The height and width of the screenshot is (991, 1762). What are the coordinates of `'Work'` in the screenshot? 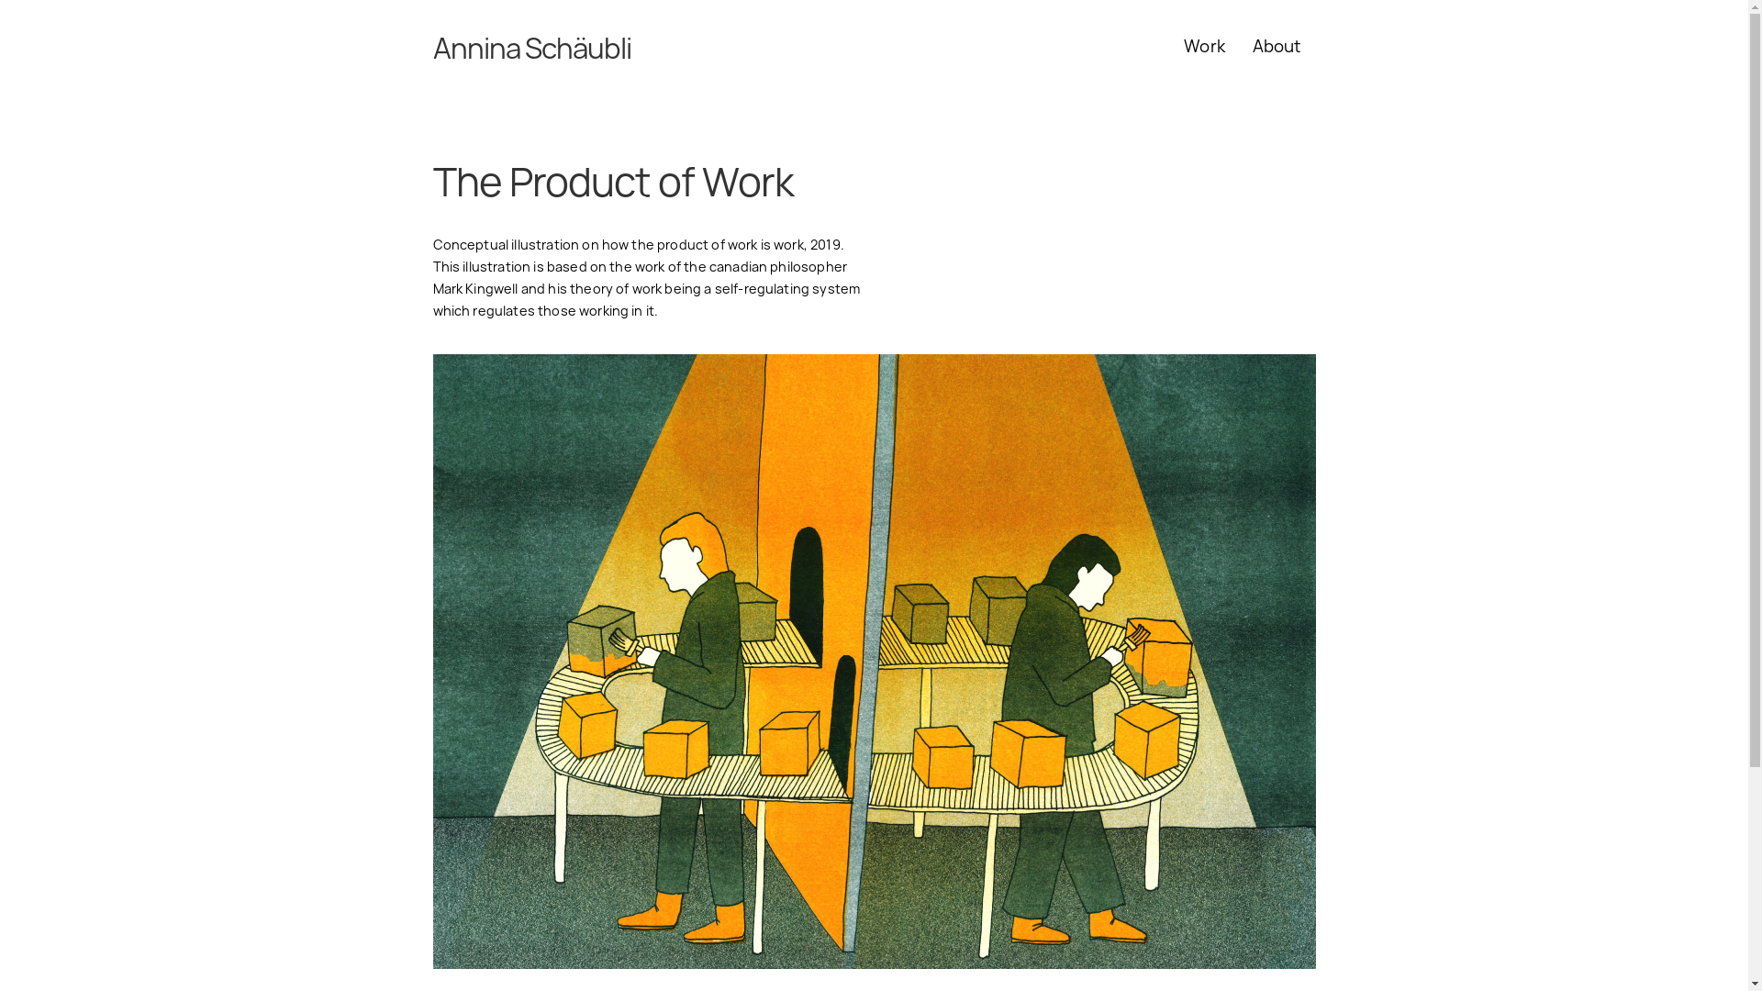 It's located at (1204, 45).